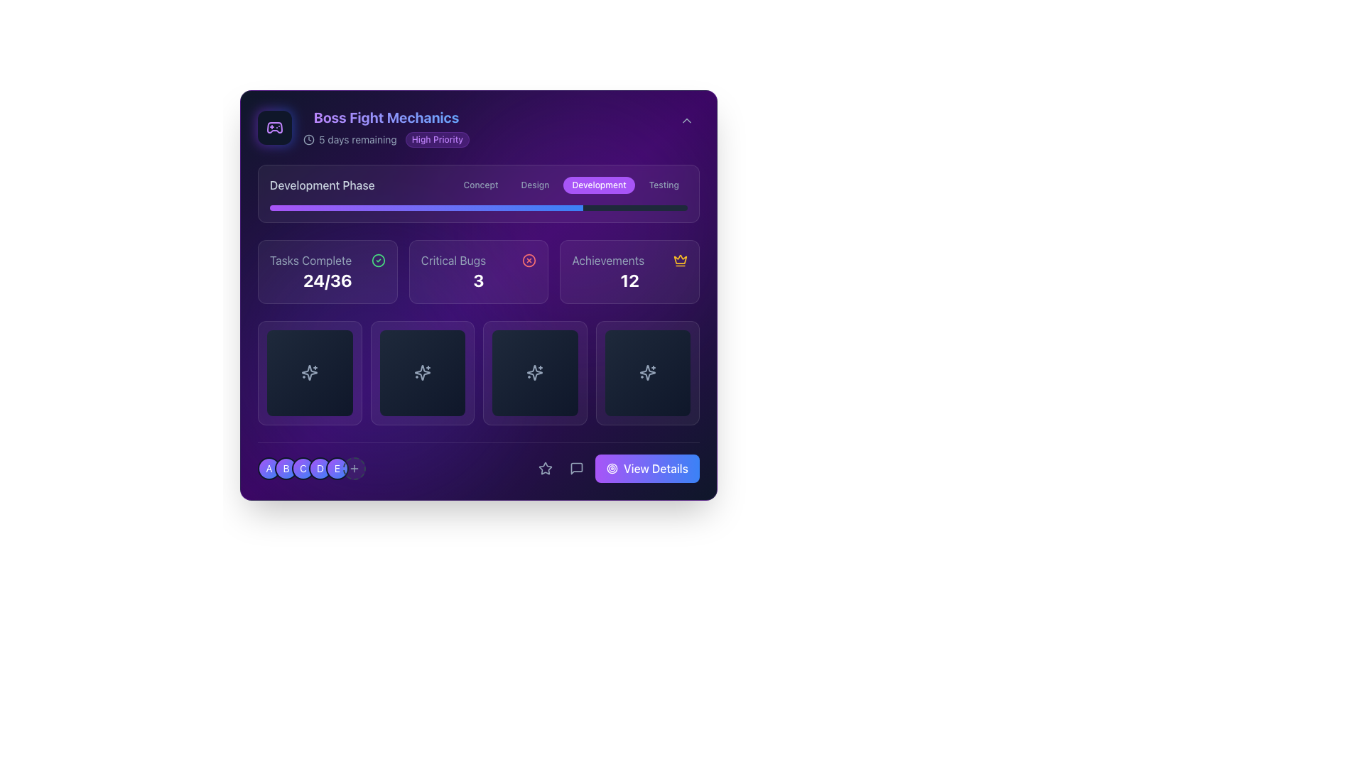 The width and height of the screenshot is (1364, 767). What do you see at coordinates (612, 468) in the screenshot?
I see `the decorative icon located to the left of the 'View Details' button at the bottom-right corner of the interface` at bounding box center [612, 468].